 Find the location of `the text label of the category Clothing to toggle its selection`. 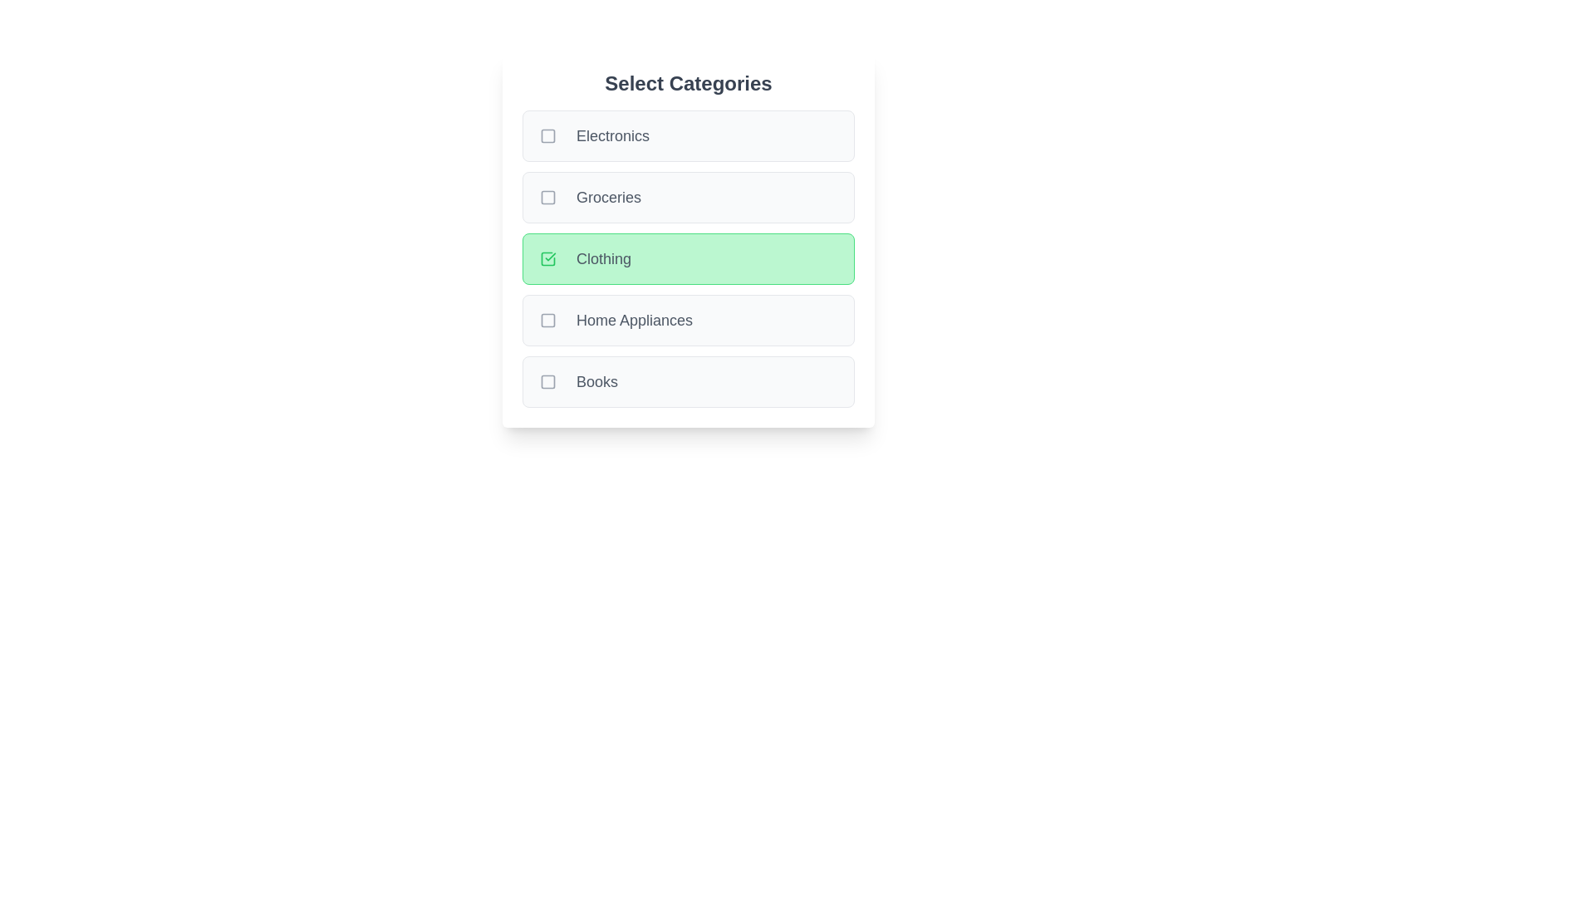

the text label of the category Clothing to toggle its selection is located at coordinates (602, 259).